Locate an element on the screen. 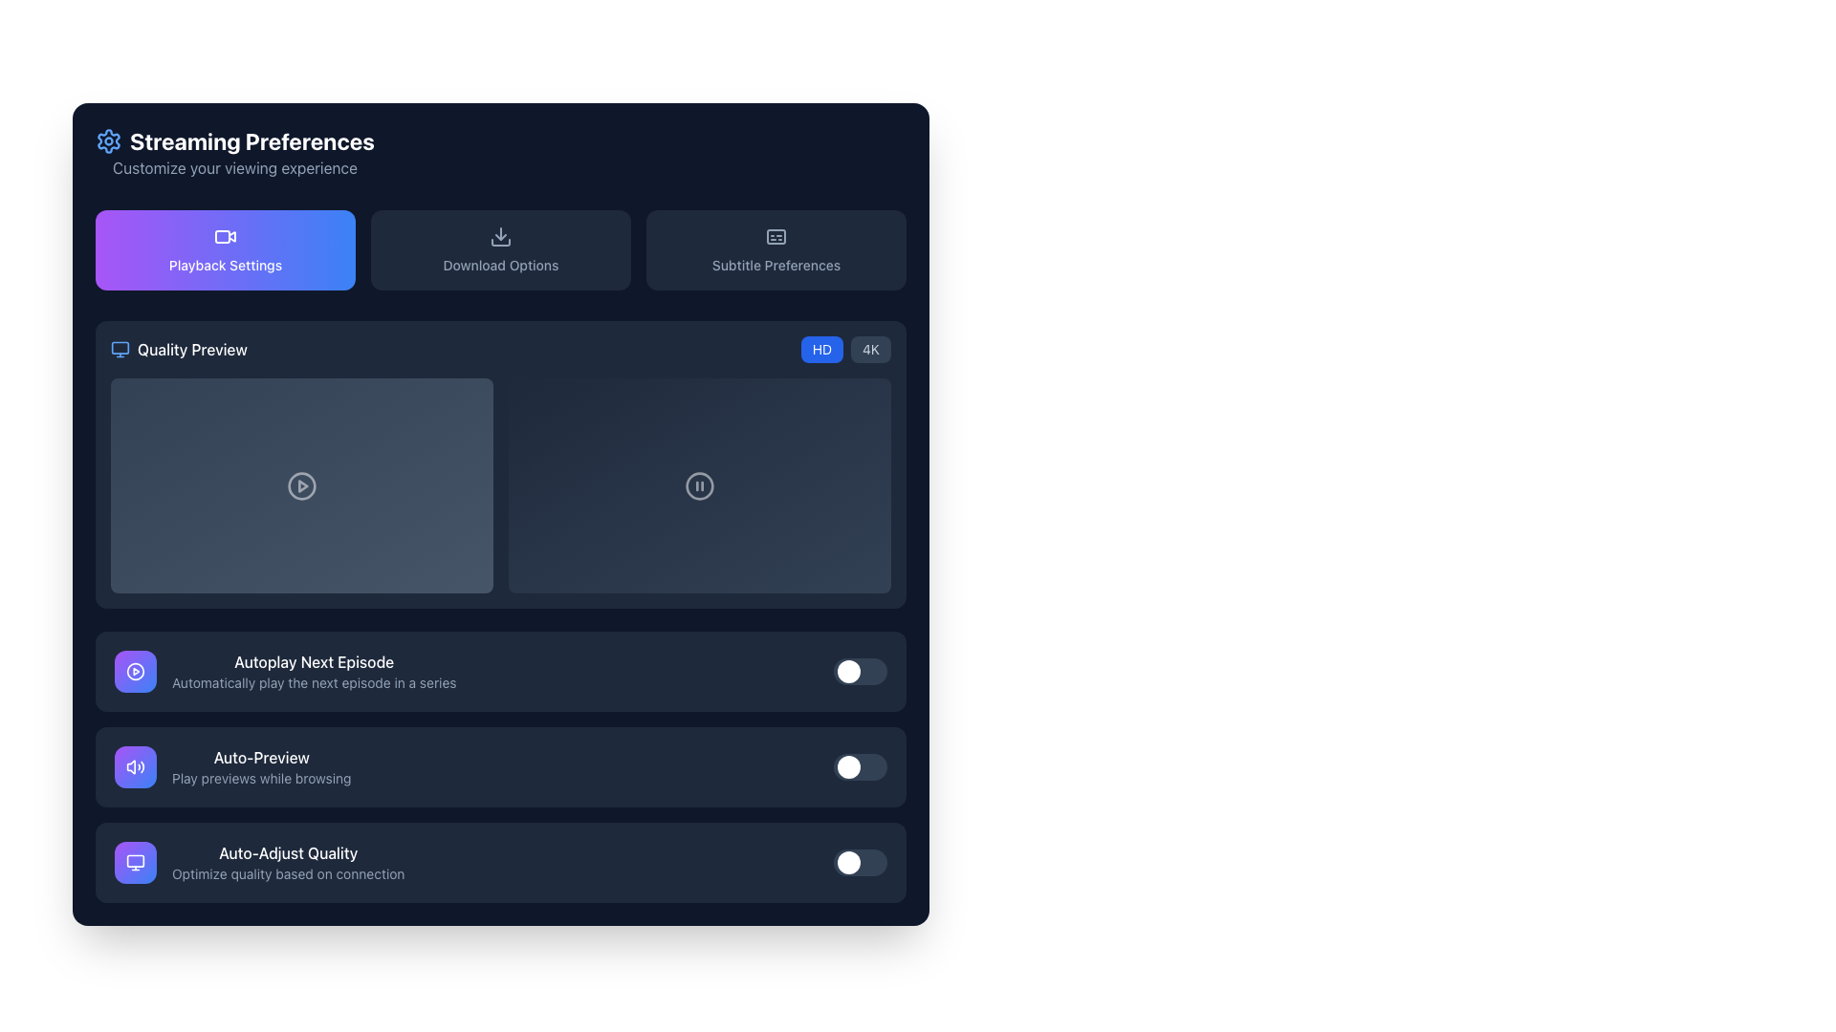  informational text label located beneath the 'Streaming Preferences' heading, which provides context for the settings or options in that section is located at coordinates (233, 167).